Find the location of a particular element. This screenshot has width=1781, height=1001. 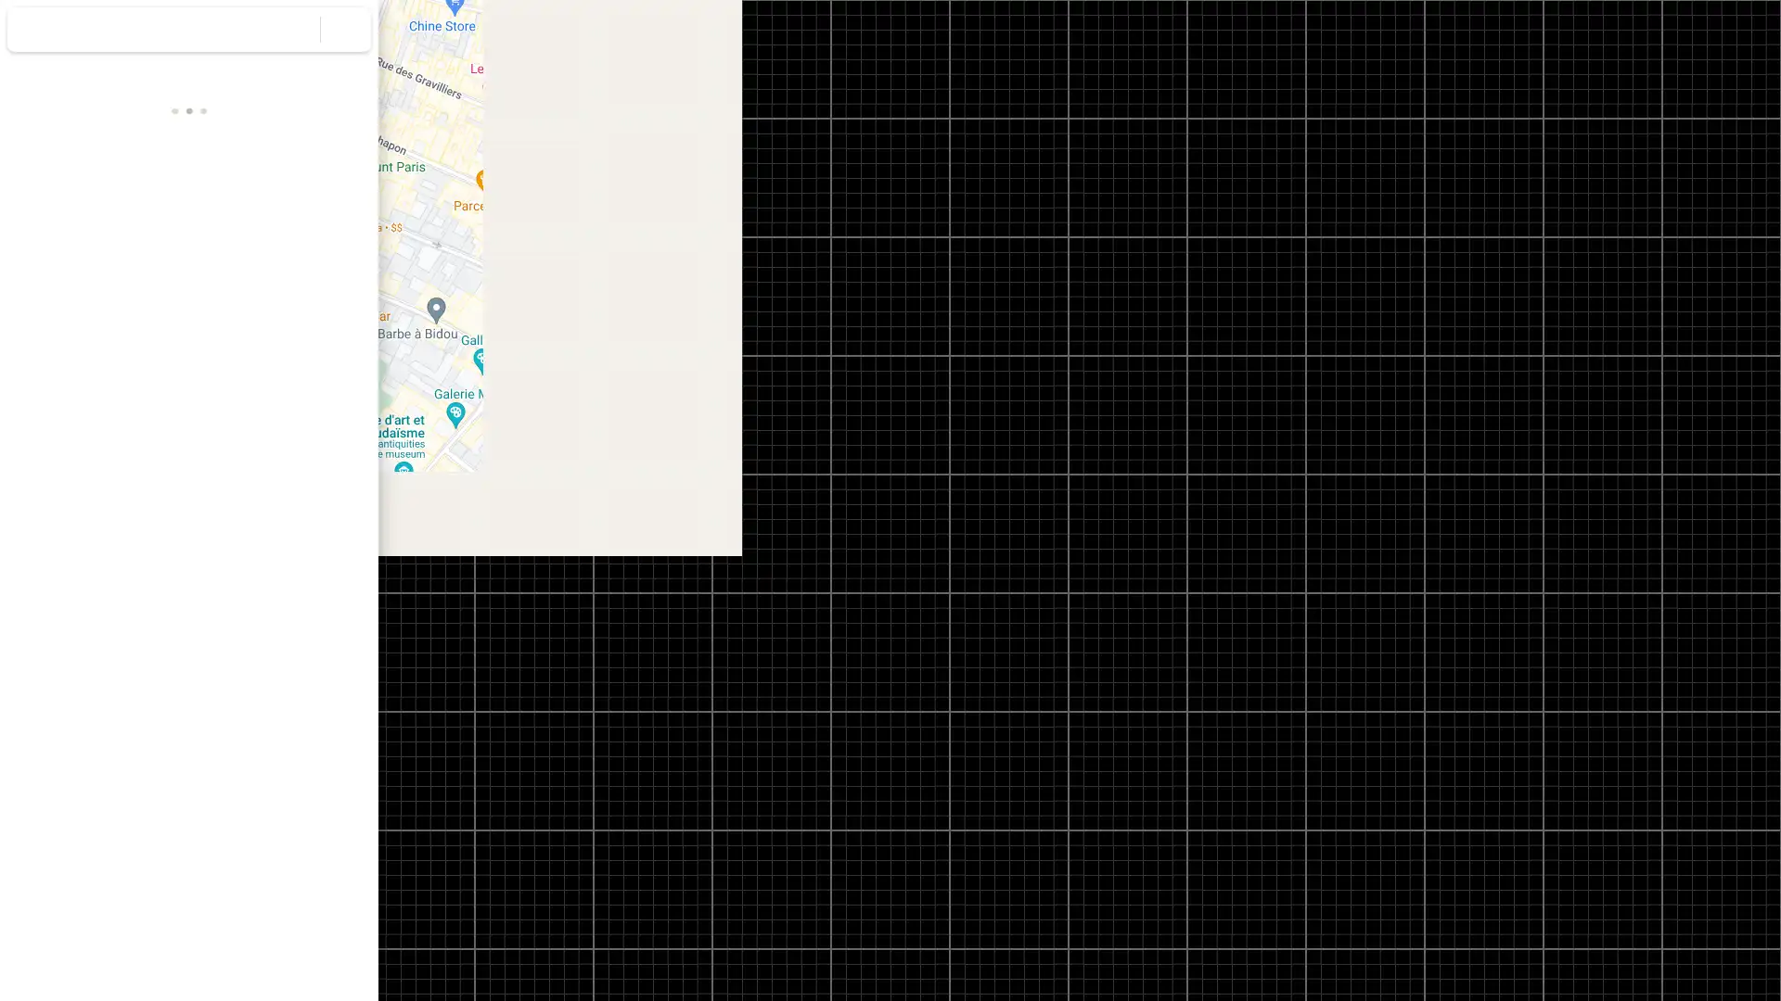

Menu is located at coordinates (32, 32).